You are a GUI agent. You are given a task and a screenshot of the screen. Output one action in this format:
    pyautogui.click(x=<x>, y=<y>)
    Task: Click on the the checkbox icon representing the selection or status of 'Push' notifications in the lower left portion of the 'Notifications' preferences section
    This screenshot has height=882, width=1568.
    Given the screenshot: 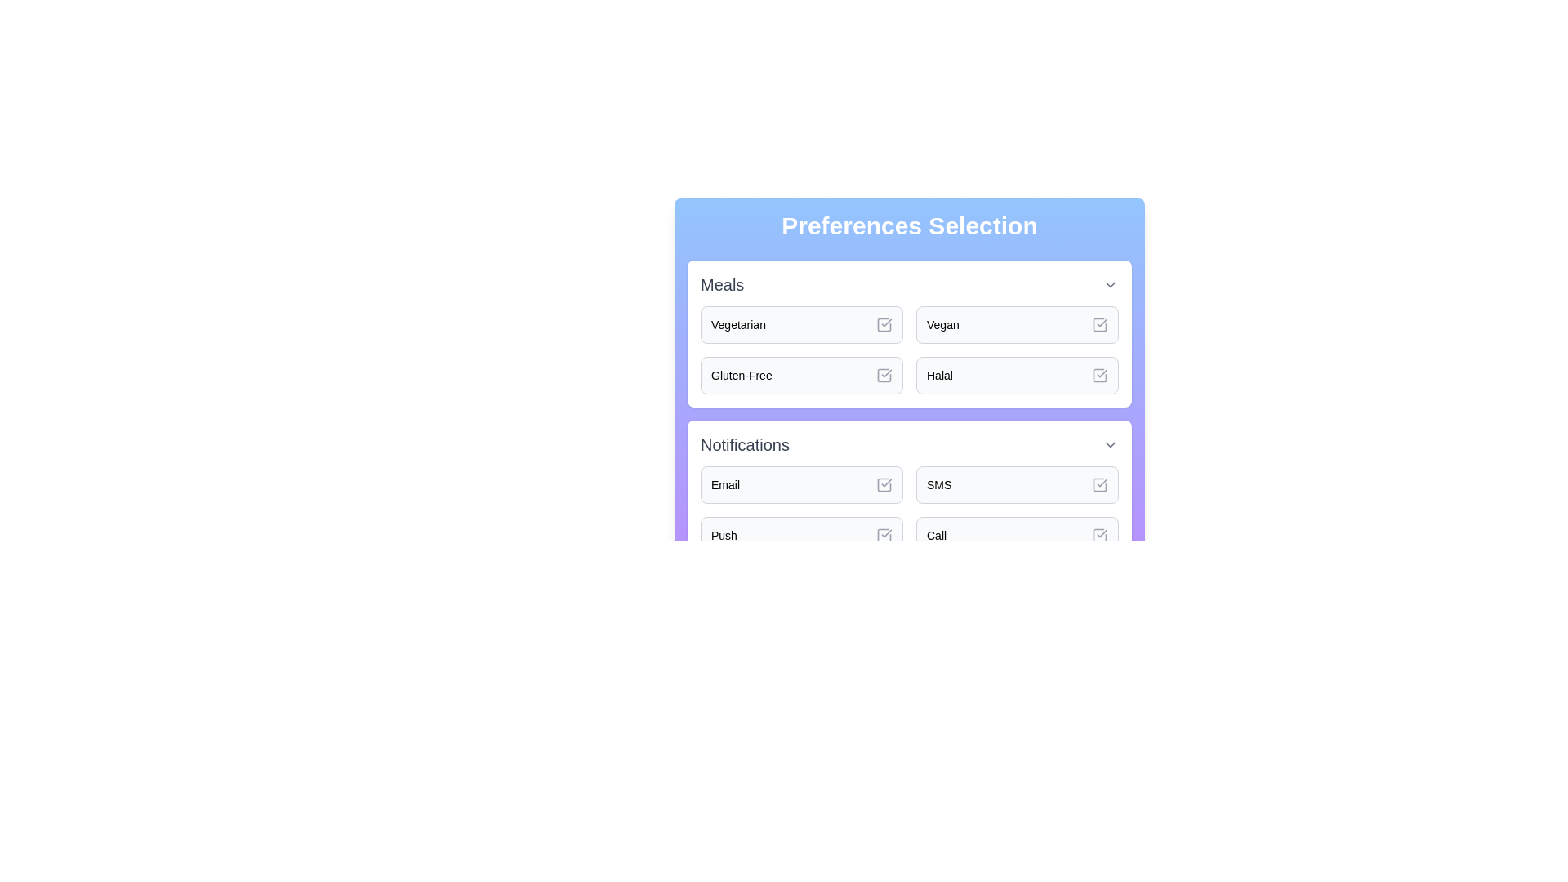 What is the action you would take?
    pyautogui.click(x=884, y=535)
    